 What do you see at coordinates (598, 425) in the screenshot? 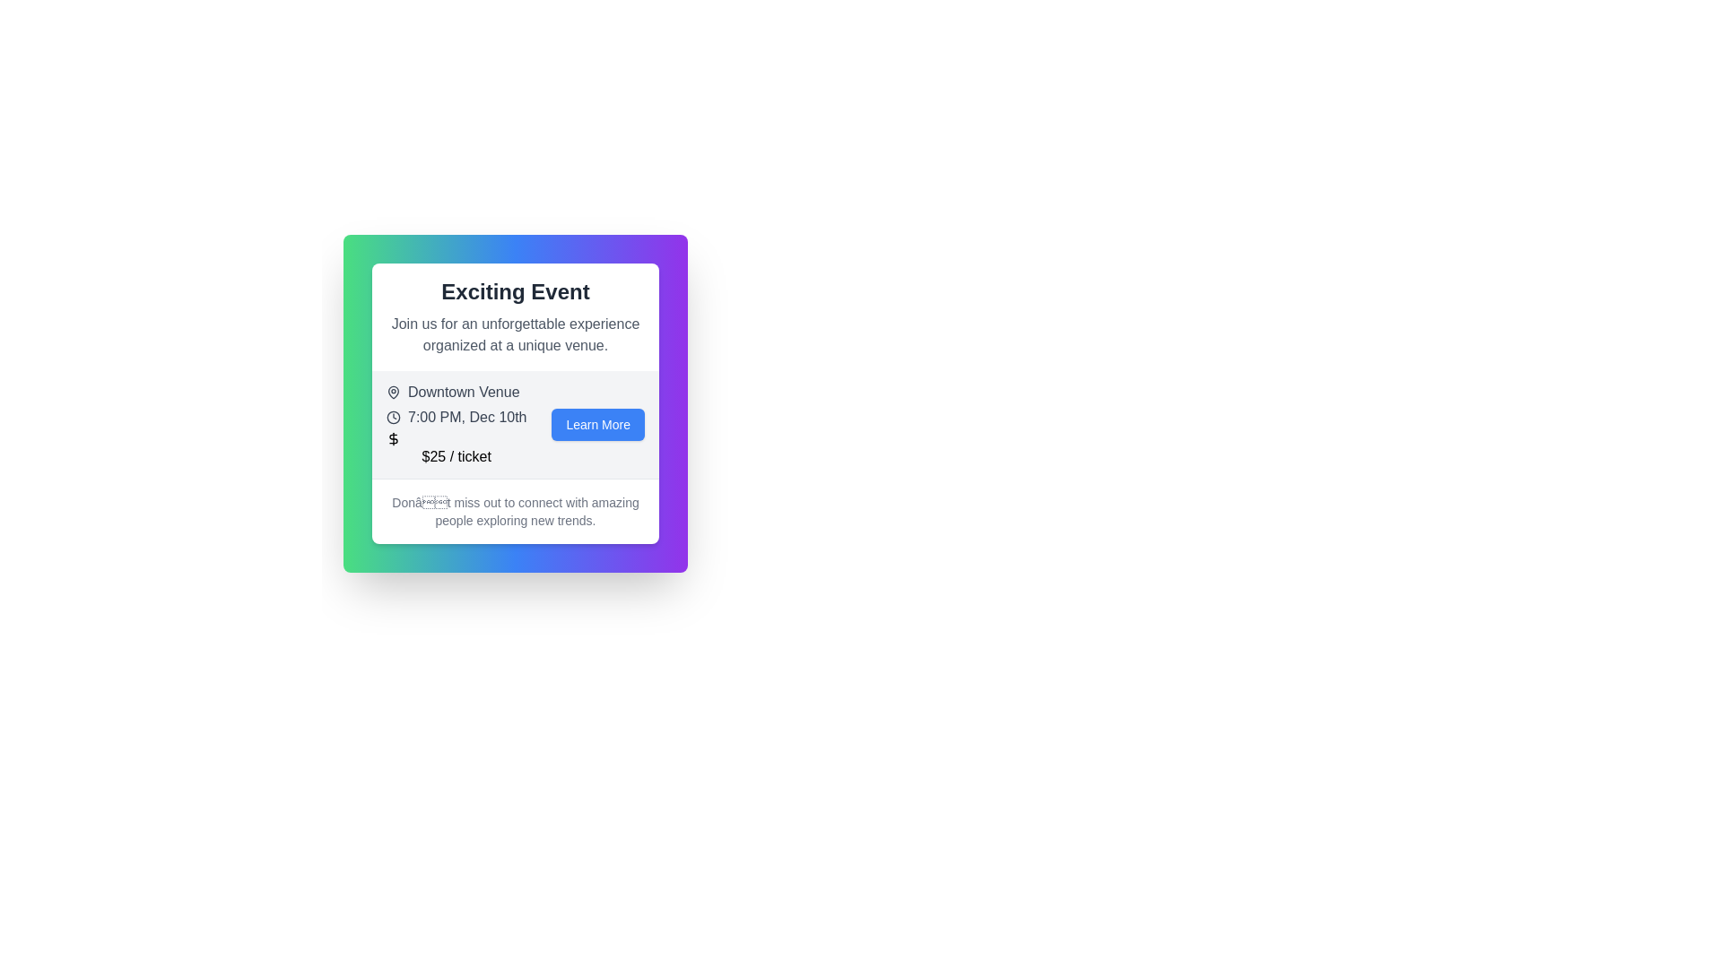
I see `the rounded rectangular button with a blue background and white text reading 'Learn More'` at bounding box center [598, 425].